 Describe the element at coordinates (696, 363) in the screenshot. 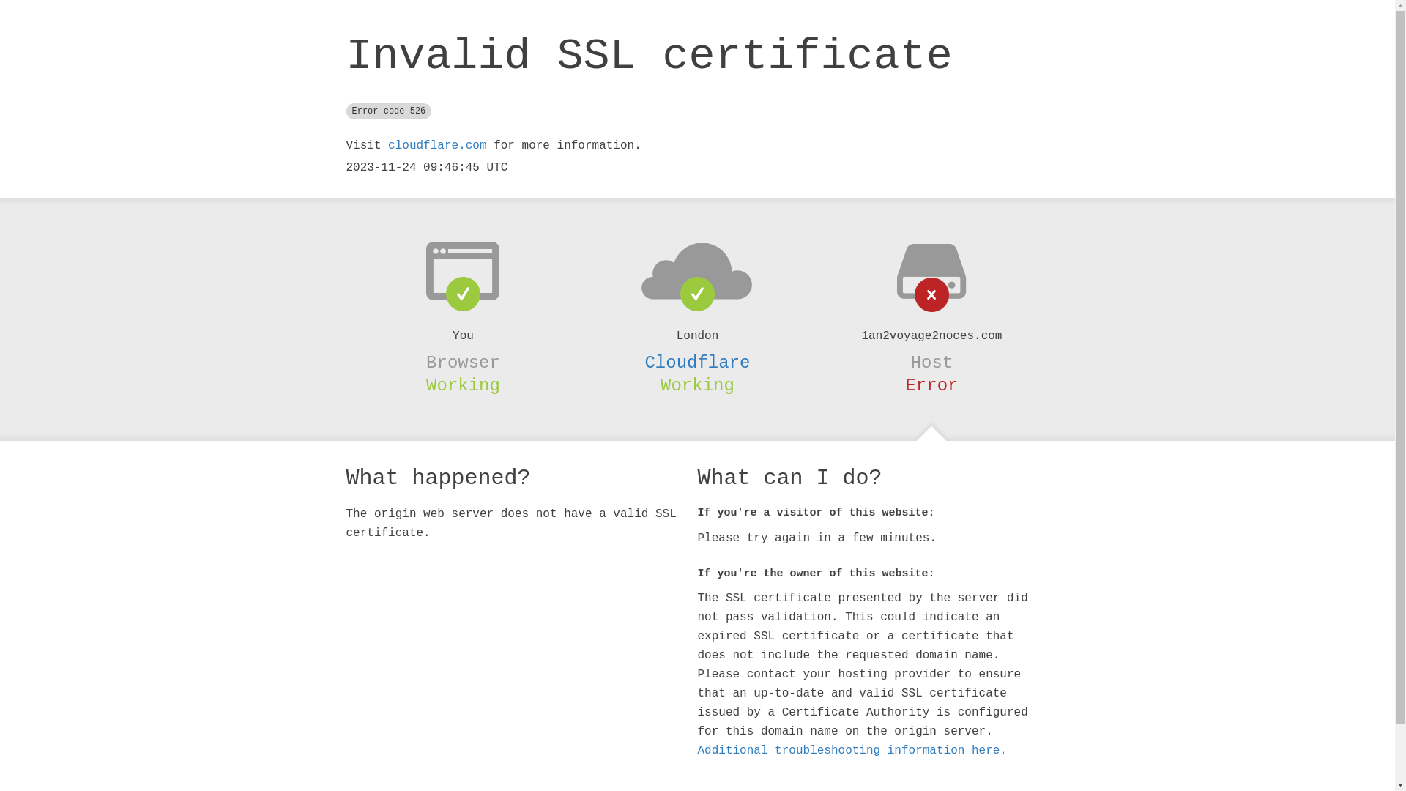

I see `'Cloudflare'` at that location.